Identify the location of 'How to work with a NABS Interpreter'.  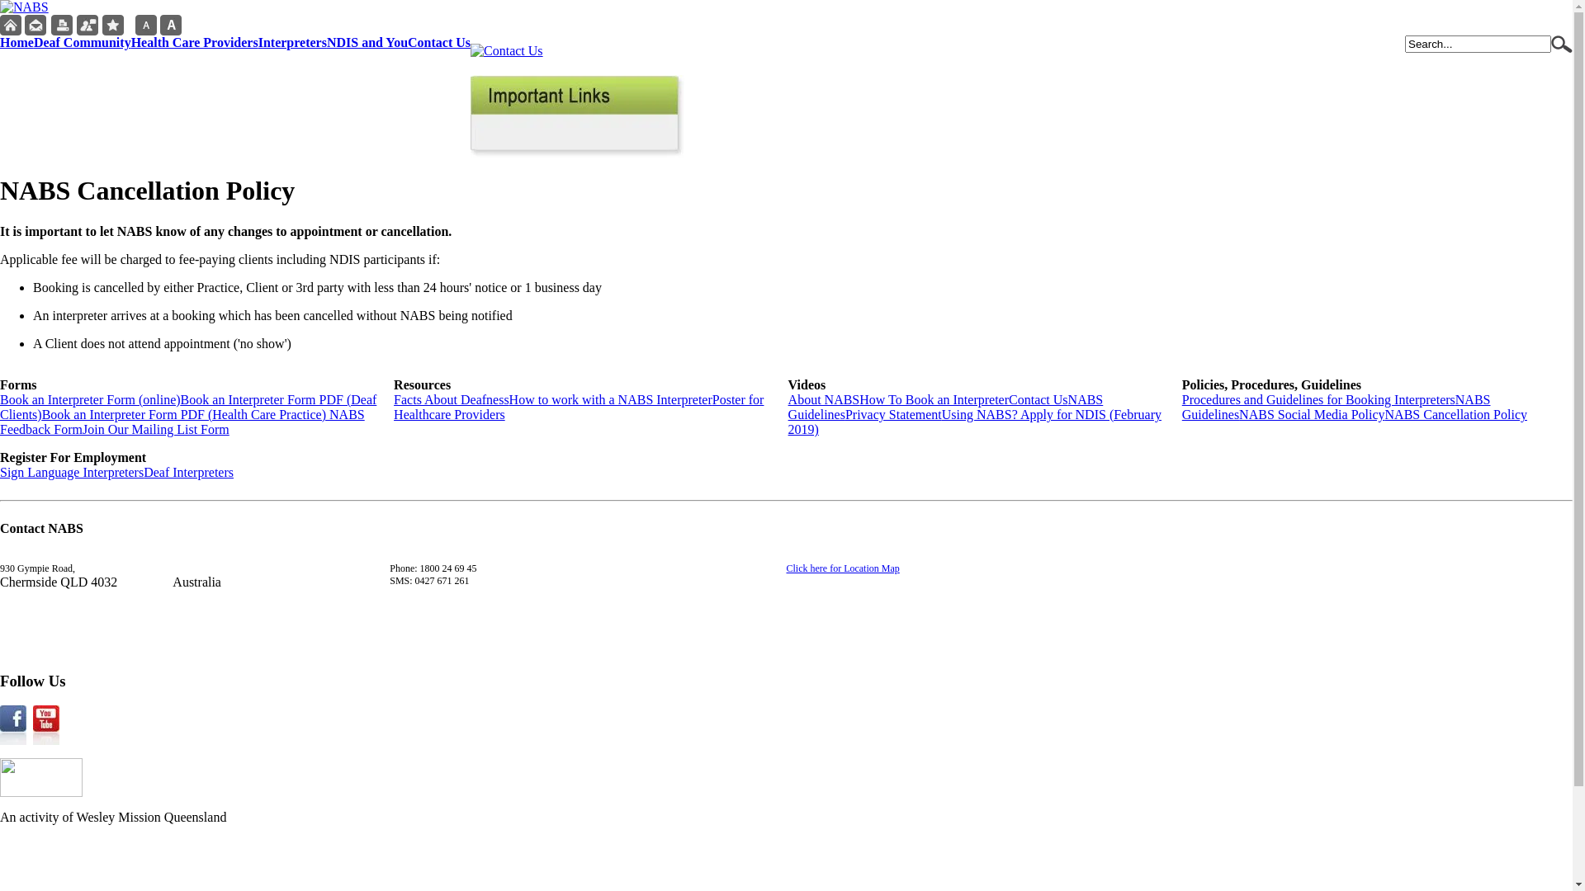
(609, 399).